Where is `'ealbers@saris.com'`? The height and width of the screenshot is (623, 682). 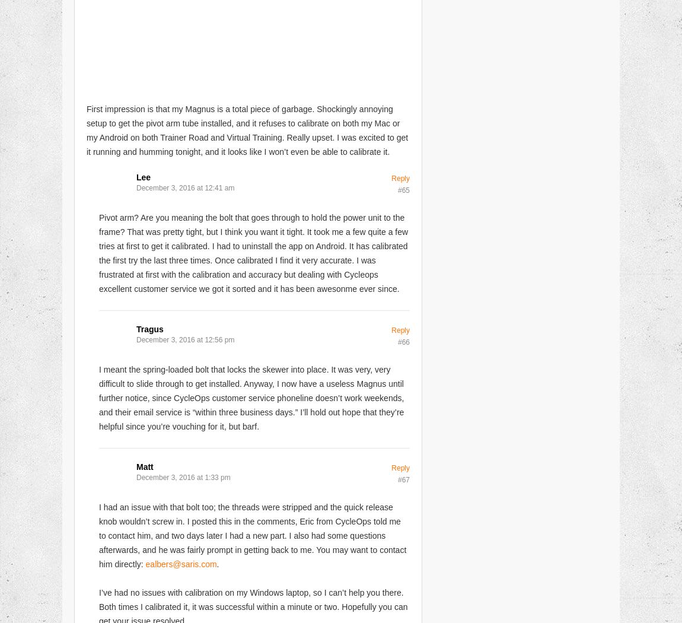
'ealbers@saris.com' is located at coordinates (144, 563).